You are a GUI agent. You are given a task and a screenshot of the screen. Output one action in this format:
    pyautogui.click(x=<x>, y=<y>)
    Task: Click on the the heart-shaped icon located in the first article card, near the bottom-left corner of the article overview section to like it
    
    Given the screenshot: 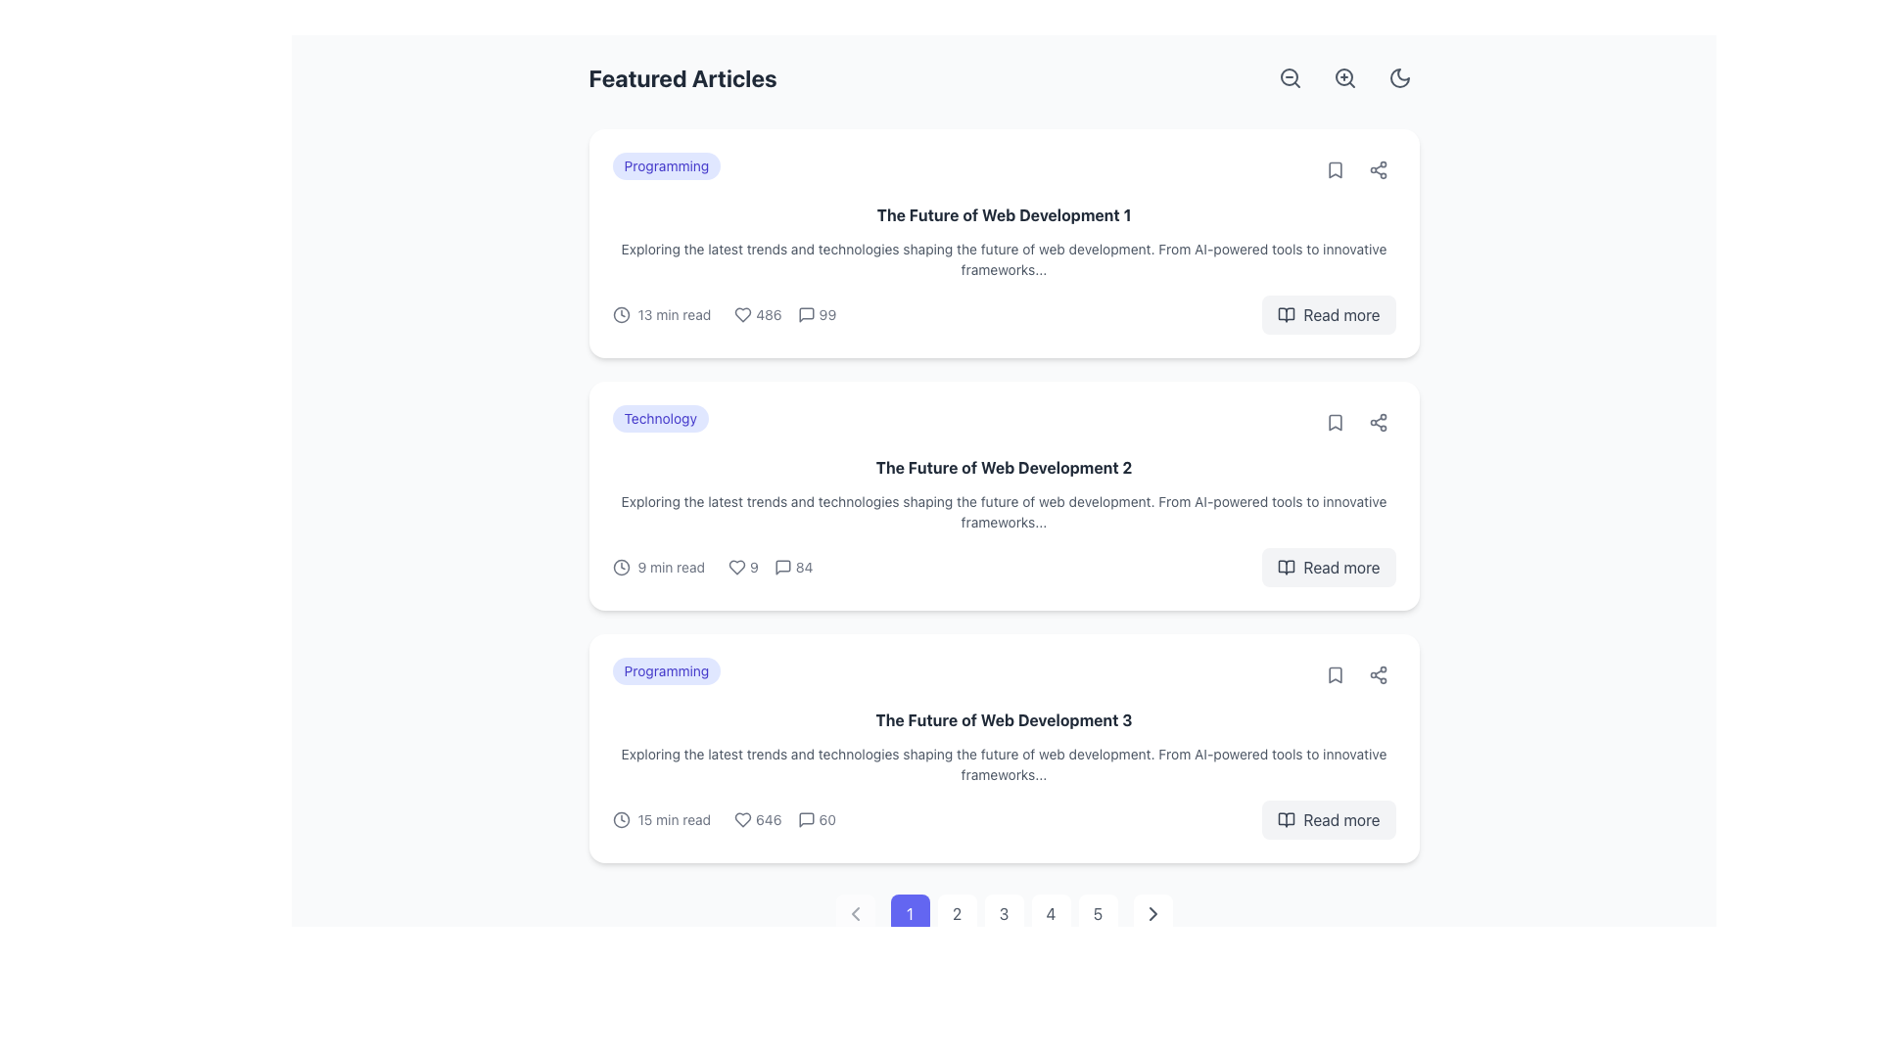 What is the action you would take?
    pyautogui.click(x=741, y=313)
    